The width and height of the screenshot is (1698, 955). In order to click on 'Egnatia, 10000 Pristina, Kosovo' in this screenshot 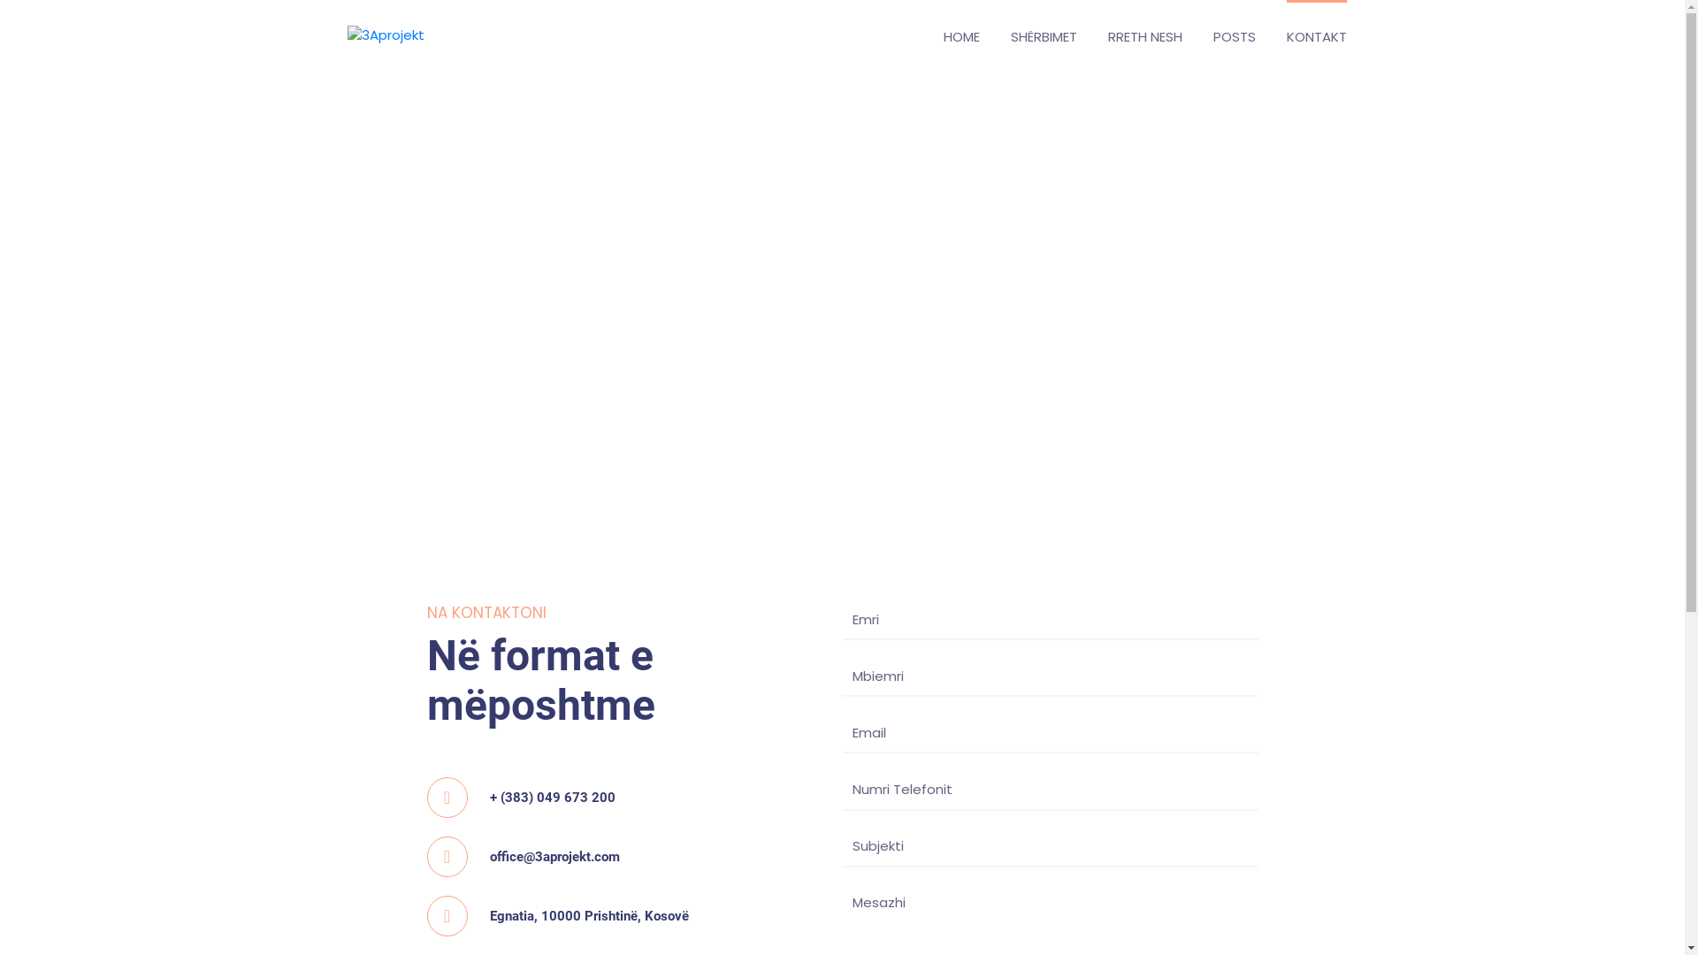, I will do `click(841, 336)`.